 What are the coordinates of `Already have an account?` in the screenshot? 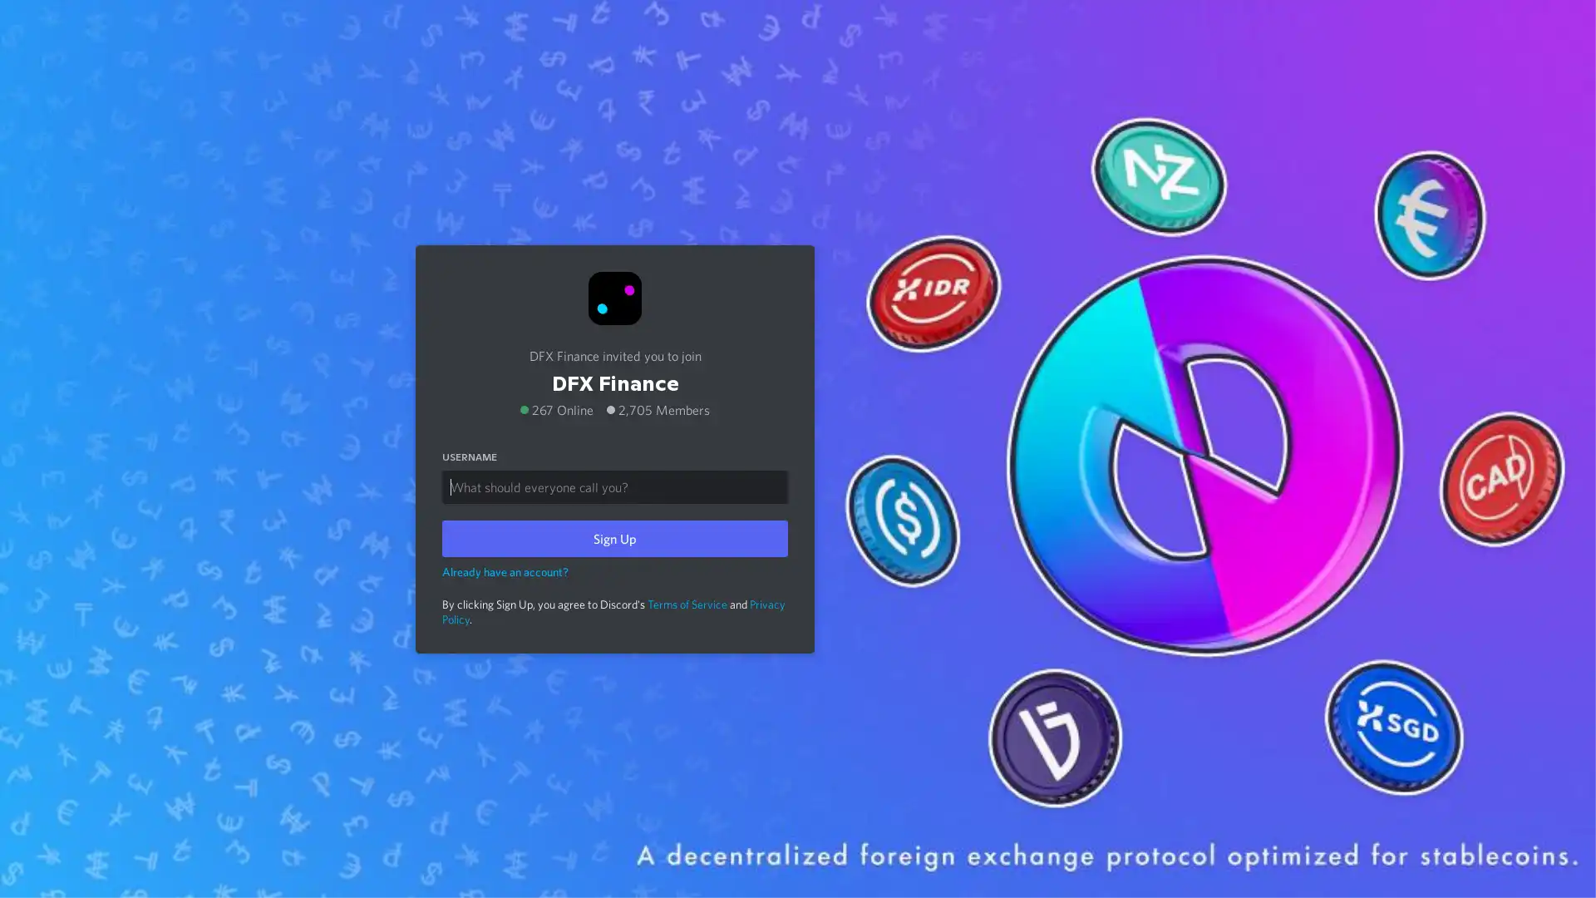 It's located at (505, 570).